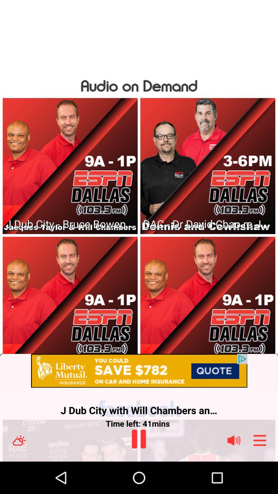 This screenshot has height=494, width=278. What do you see at coordinates (138, 470) in the screenshot?
I see `the pause icon` at bounding box center [138, 470].